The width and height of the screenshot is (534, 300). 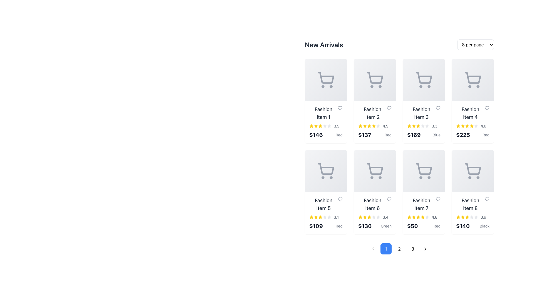 I want to click on the shopping cart icon located in the bottom half of the interactive card for Fashion Item 6, so click(x=375, y=171).